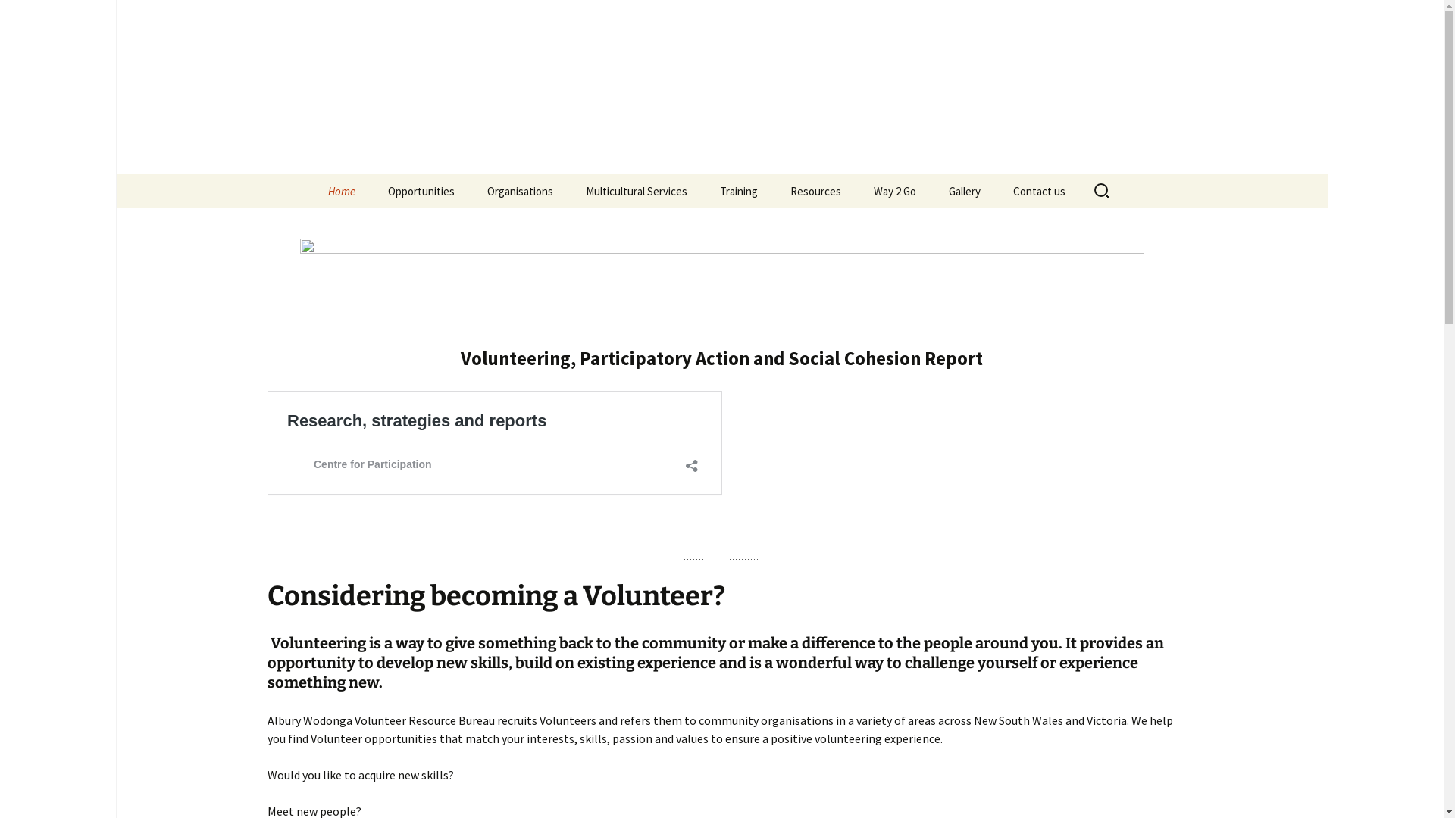 Image resolution: width=1455 pixels, height=818 pixels. I want to click on 'Training', so click(704, 190).